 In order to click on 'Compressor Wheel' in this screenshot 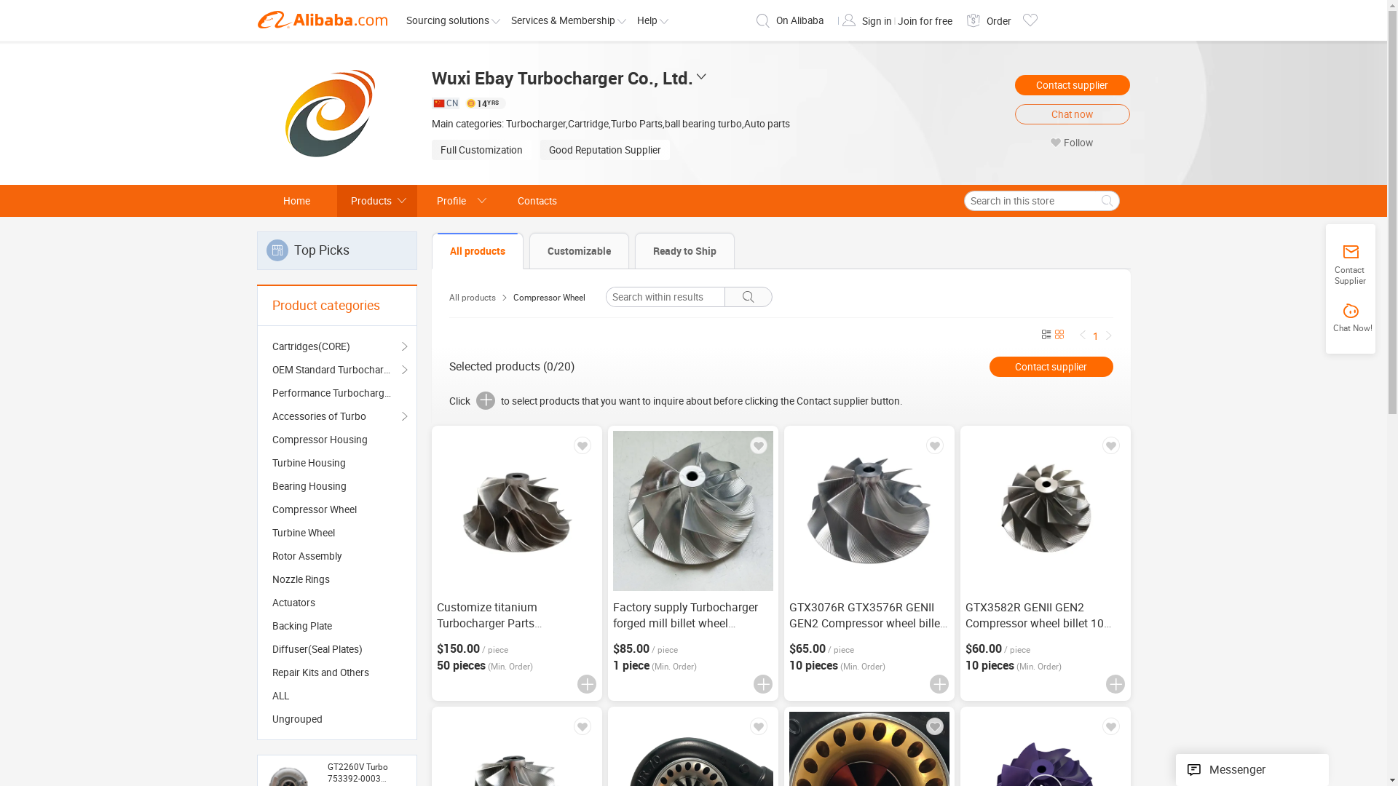, I will do `click(336, 508)`.